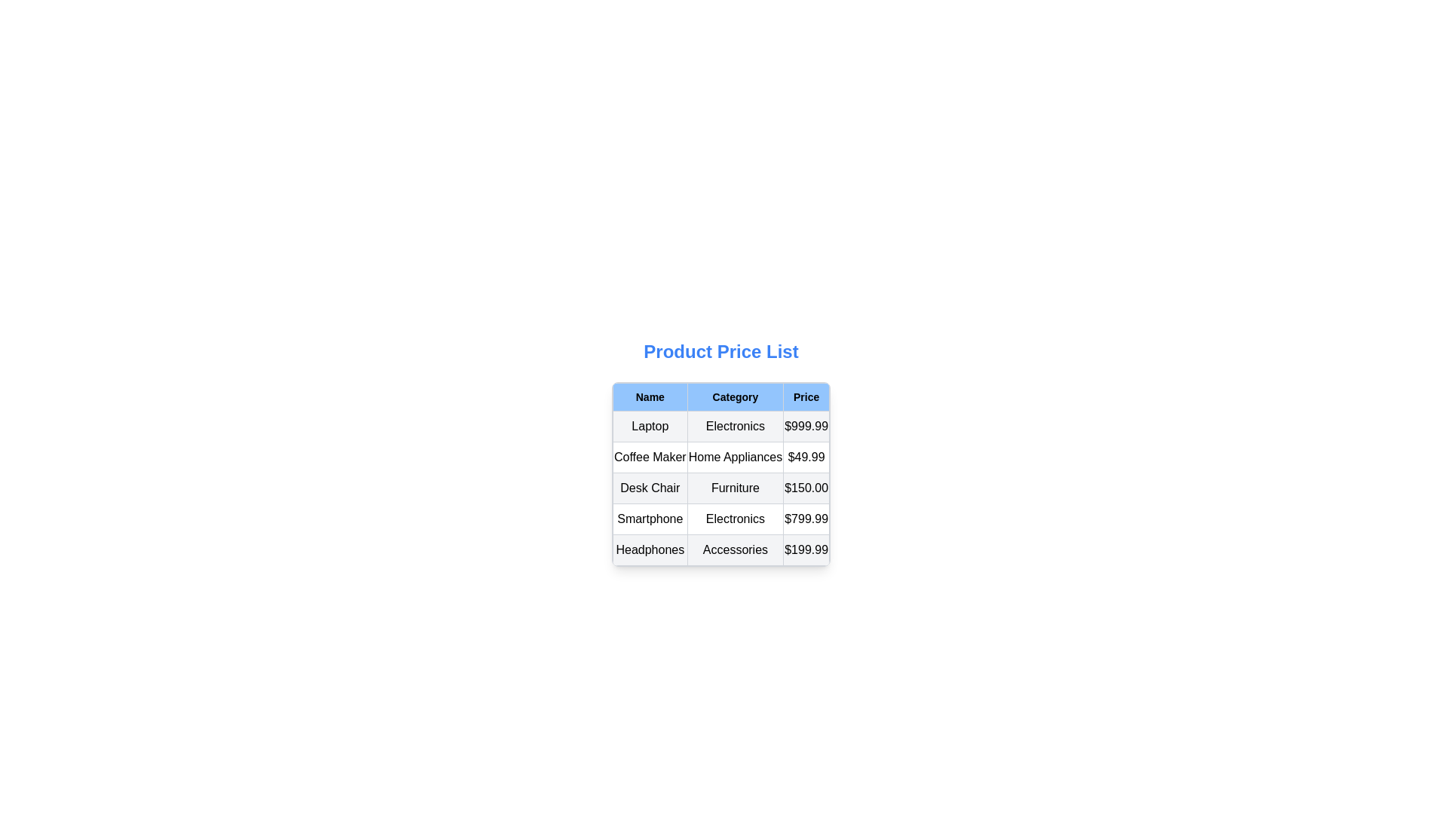 This screenshot has width=1447, height=814. I want to click on the Table Header Cell that displays the text 'Name' in bold with a light blue background, positioned as the first column header in the 'Product Price List' table, so click(650, 396).